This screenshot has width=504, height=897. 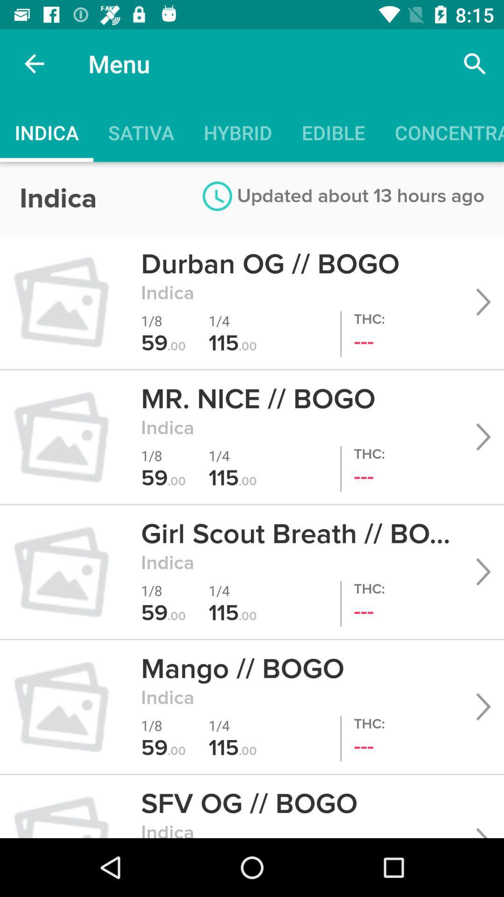 I want to click on icon next to the menu icon, so click(x=475, y=63).